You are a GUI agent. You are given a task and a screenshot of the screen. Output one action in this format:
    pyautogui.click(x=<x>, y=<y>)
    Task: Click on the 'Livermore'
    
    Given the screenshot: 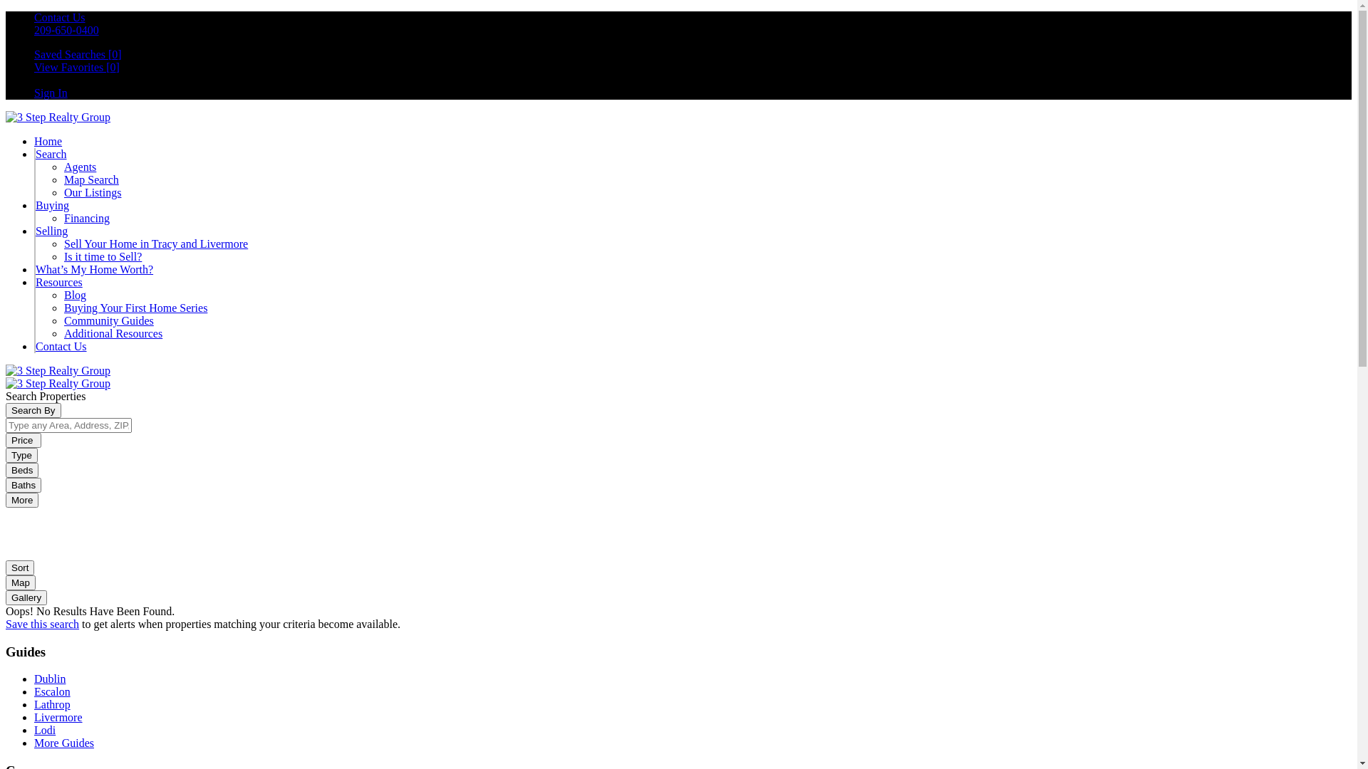 What is the action you would take?
    pyautogui.click(x=57, y=717)
    